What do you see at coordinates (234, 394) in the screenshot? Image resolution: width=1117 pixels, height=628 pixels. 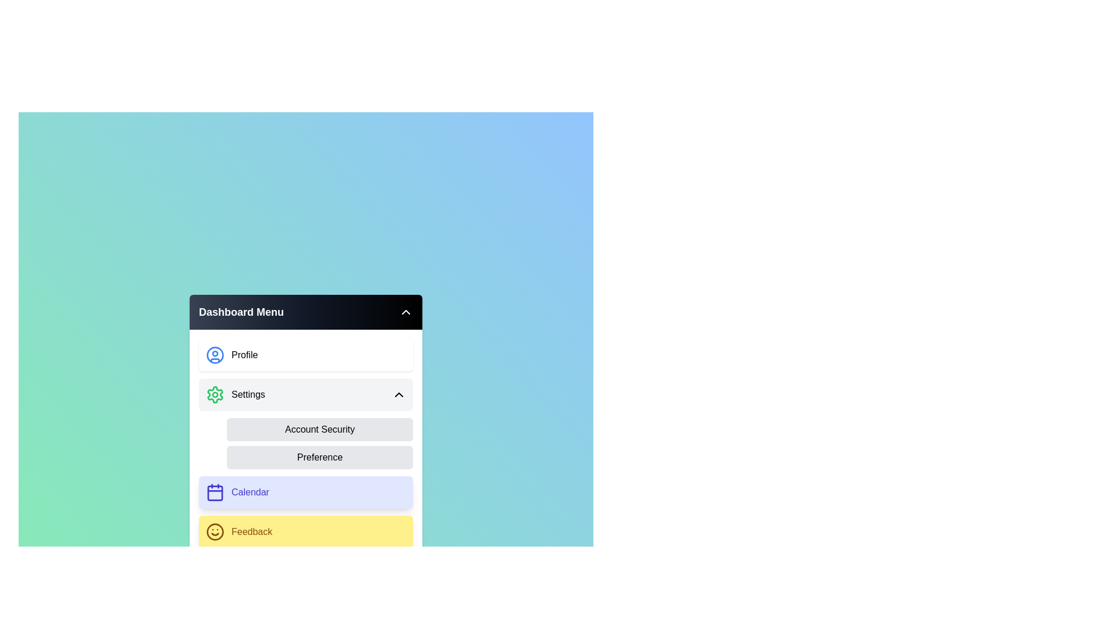 I see `the 'Settings' menu item, which is the second item` at bounding box center [234, 394].